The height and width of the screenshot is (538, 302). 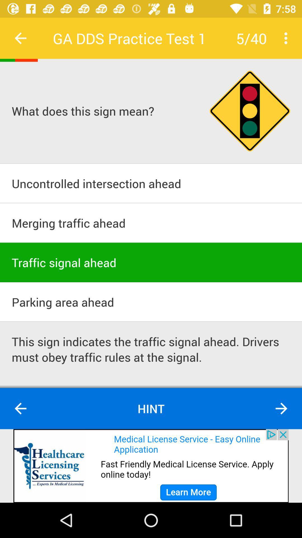 What do you see at coordinates (151, 466) in the screenshot?
I see `shre the article` at bounding box center [151, 466].